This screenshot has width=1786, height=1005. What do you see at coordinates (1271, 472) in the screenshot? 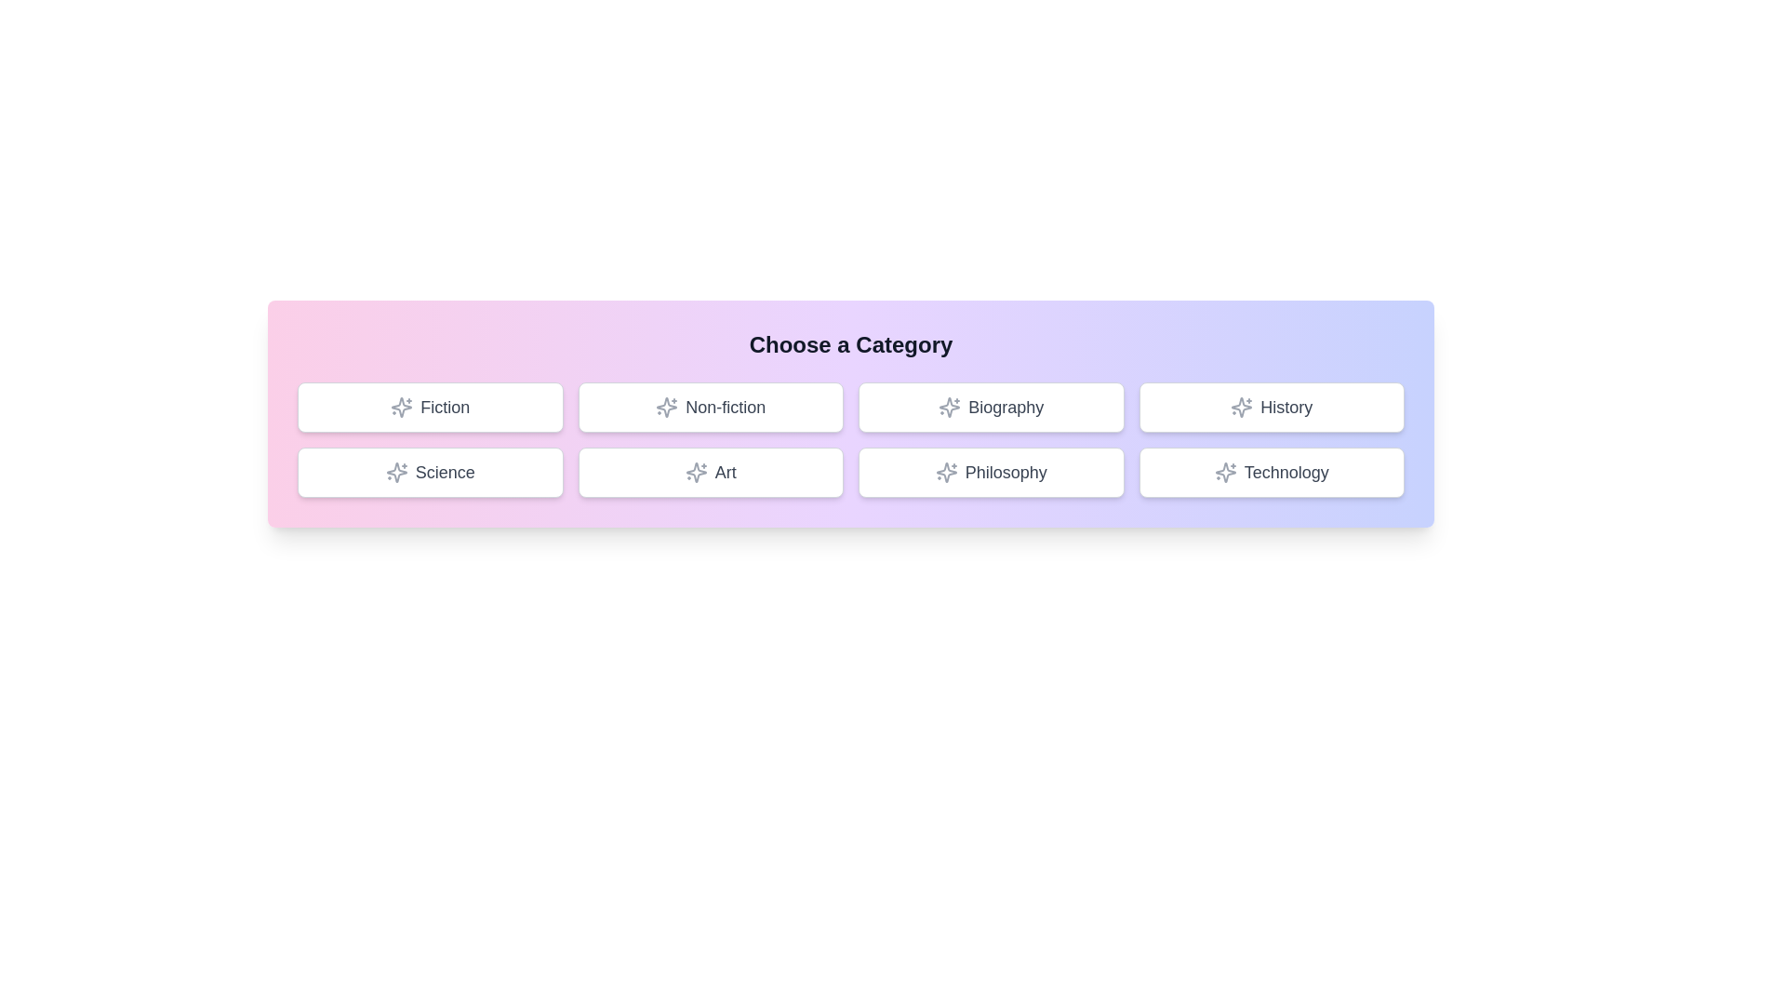
I see `the button labeled 'Technology' to observe the hover effect` at bounding box center [1271, 472].